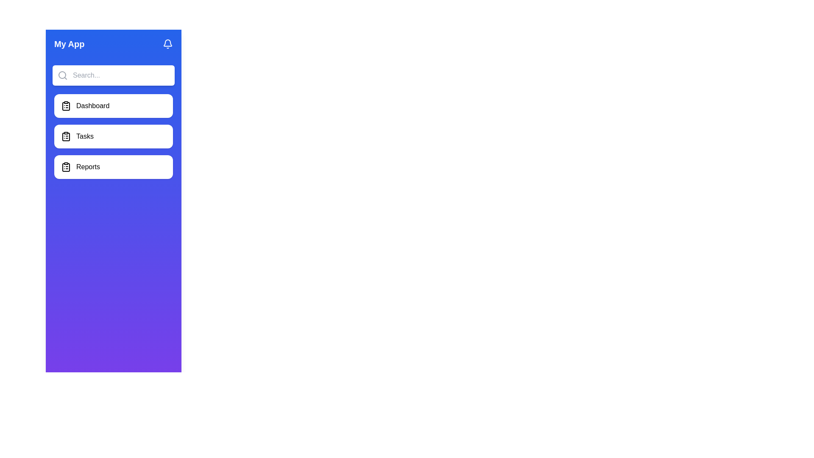 The height and width of the screenshot is (458, 814). I want to click on the Dashboard in the sidebar list, so click(113, 106).